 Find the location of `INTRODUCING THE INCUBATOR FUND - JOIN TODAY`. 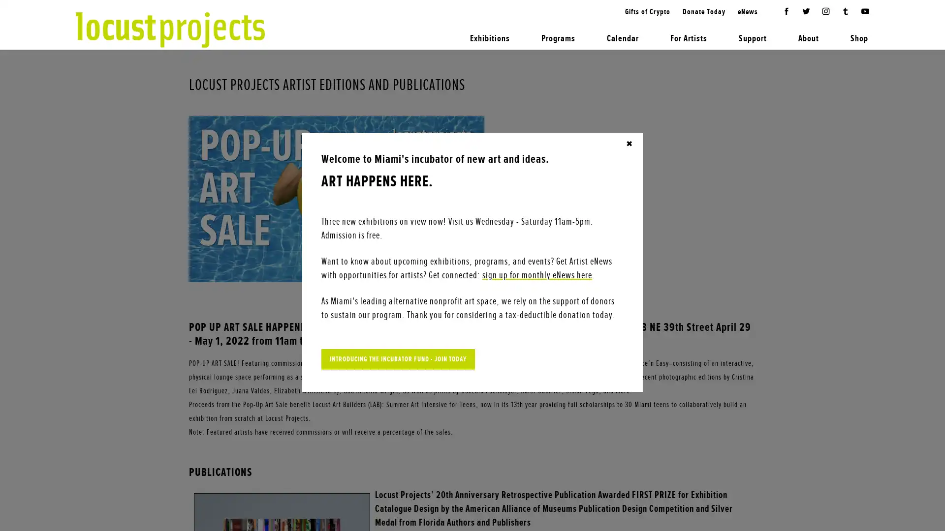

INTRODUCING THE INCUBATOR FUND - JOIN TODAY is located at coordinates (397, 359).